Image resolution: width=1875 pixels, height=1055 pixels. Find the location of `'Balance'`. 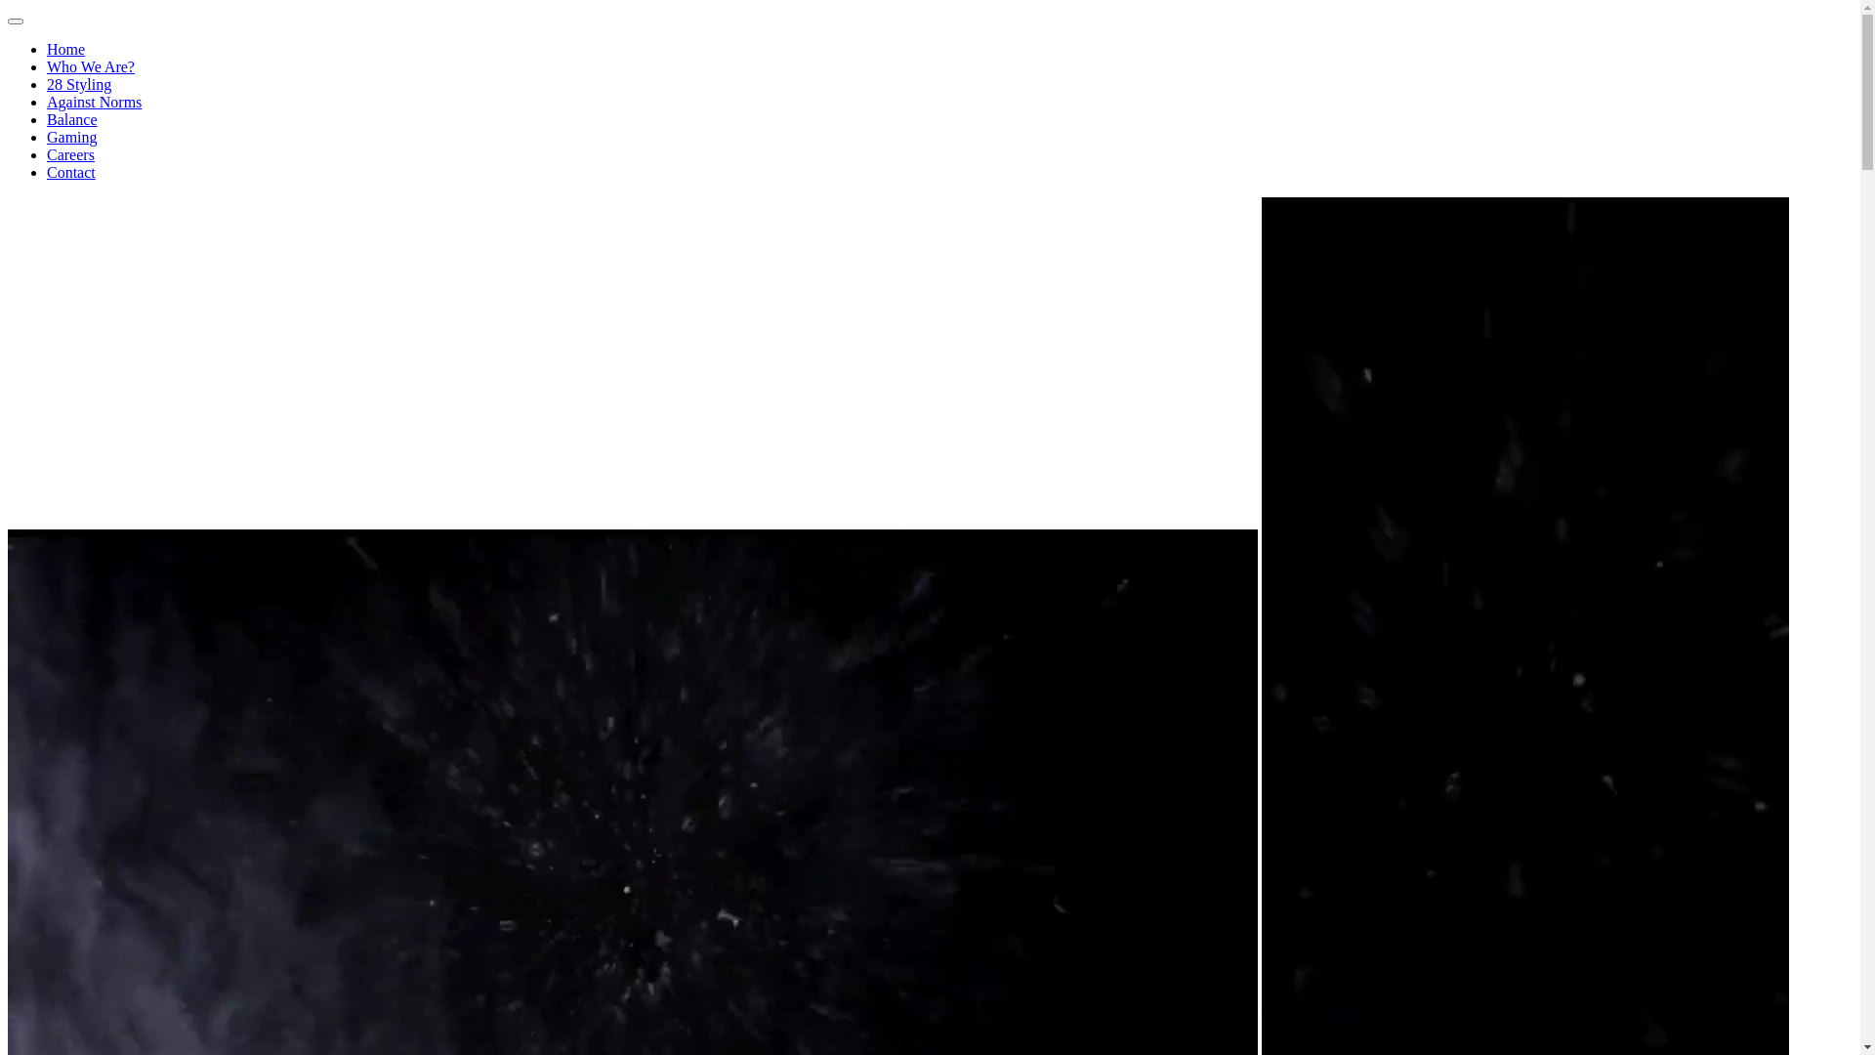

'Balance' is located at coordinates (71, 119).